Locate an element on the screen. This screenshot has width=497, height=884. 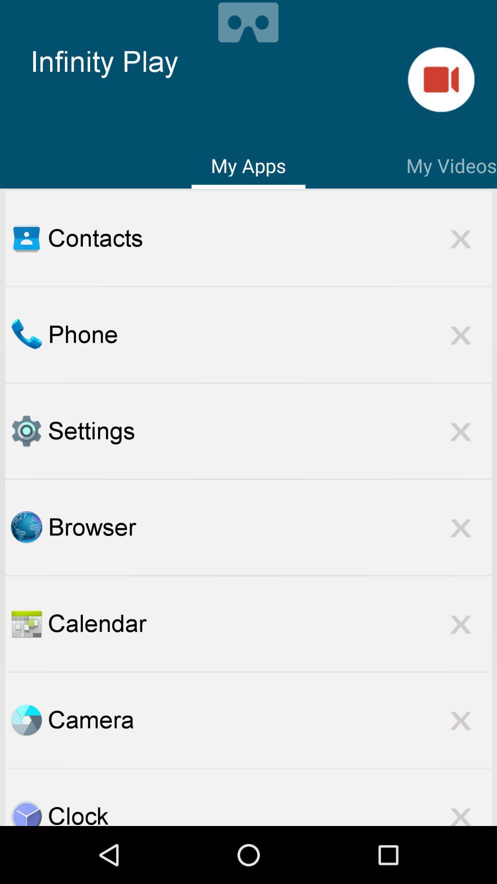
browser is located at coordinates (26, 527).